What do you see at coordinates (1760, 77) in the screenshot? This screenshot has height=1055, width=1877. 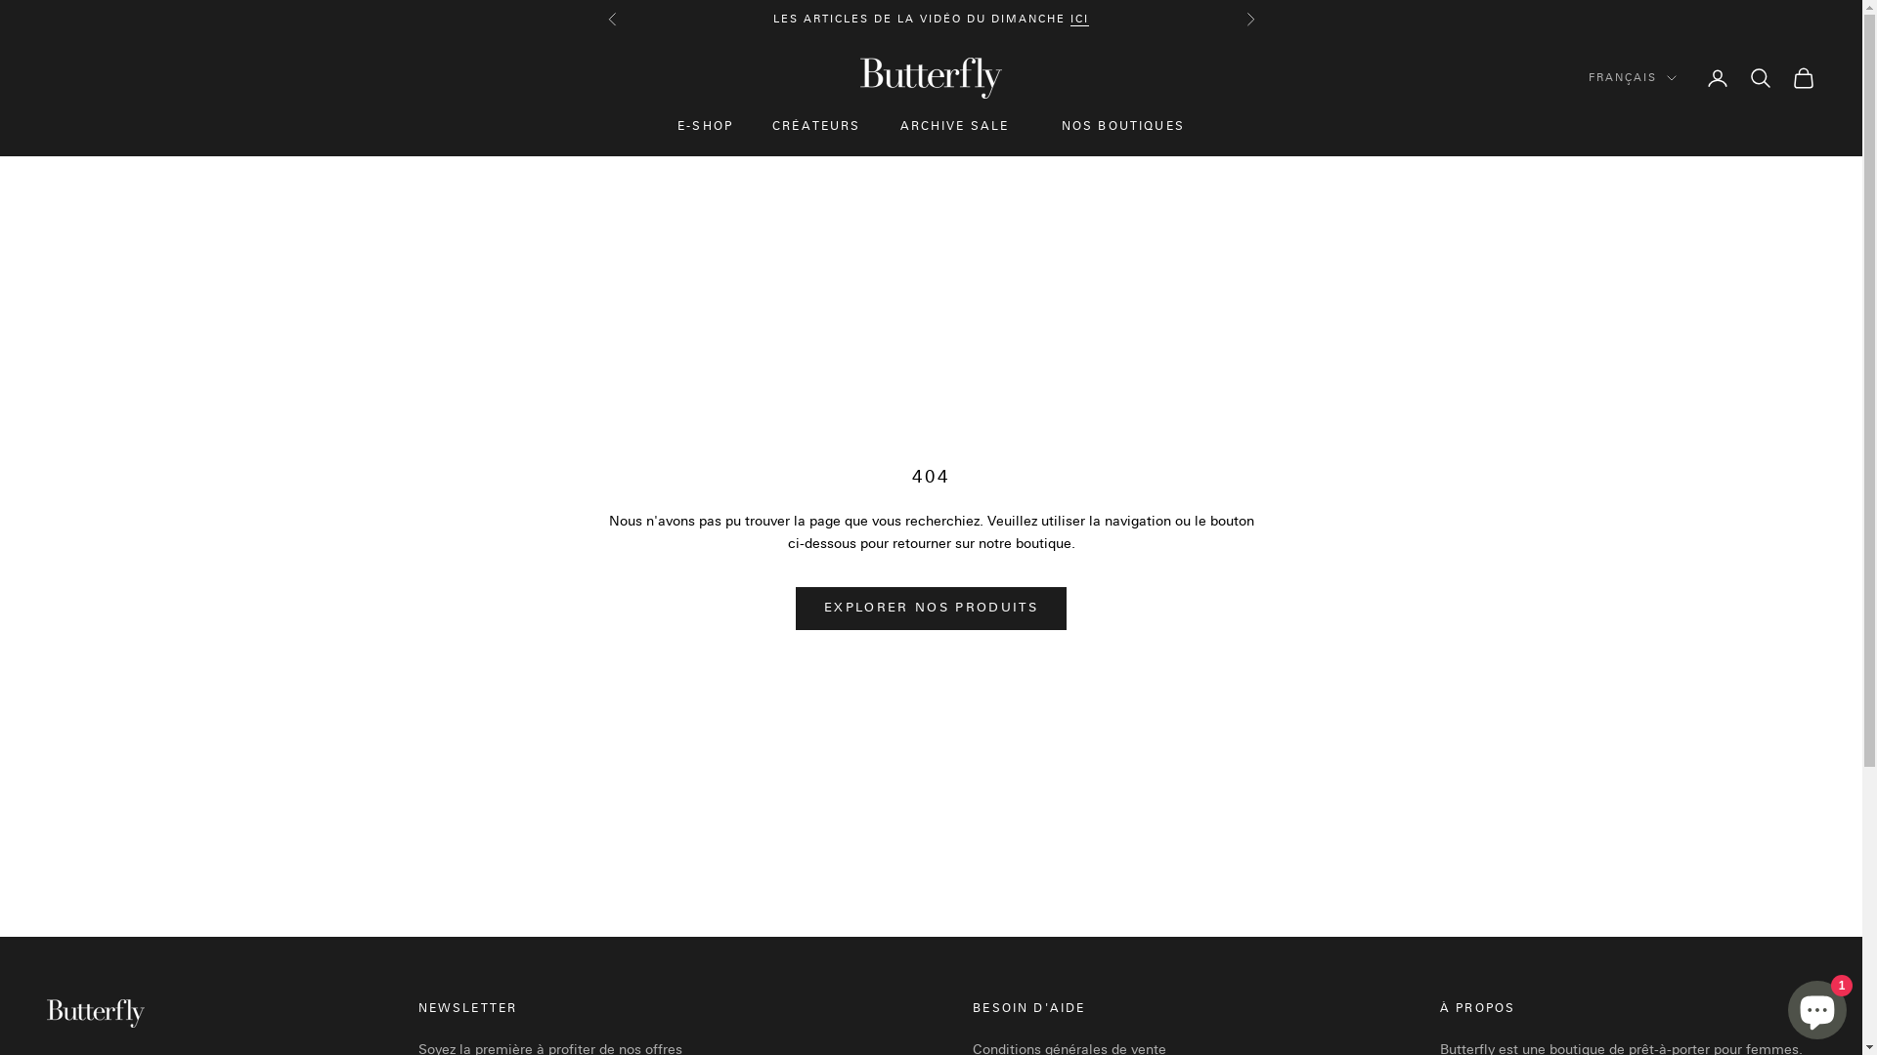 I see `'Ouvrir la recherche'` at bounding box center [1760, 77].